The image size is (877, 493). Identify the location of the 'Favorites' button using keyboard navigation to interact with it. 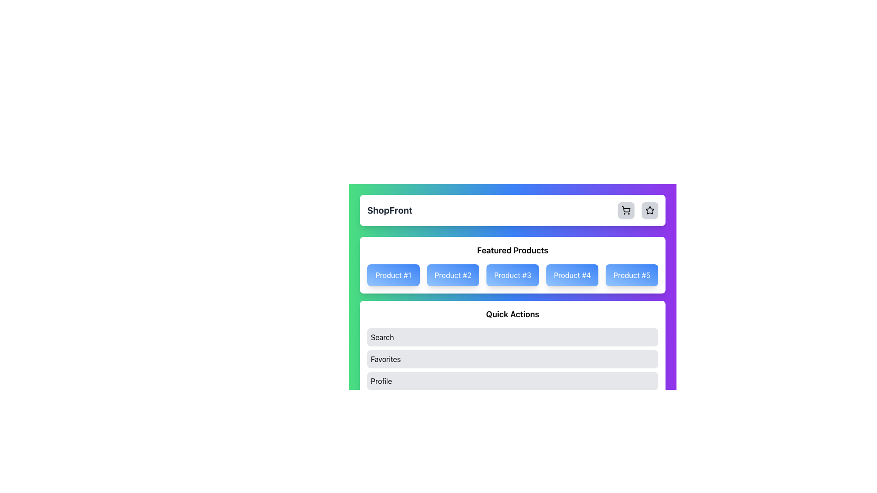
(512, 358).